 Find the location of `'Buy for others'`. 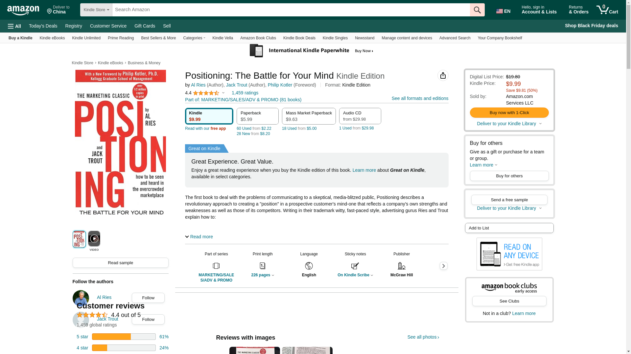

'Buy for others' is located at coordinates (509, 175).